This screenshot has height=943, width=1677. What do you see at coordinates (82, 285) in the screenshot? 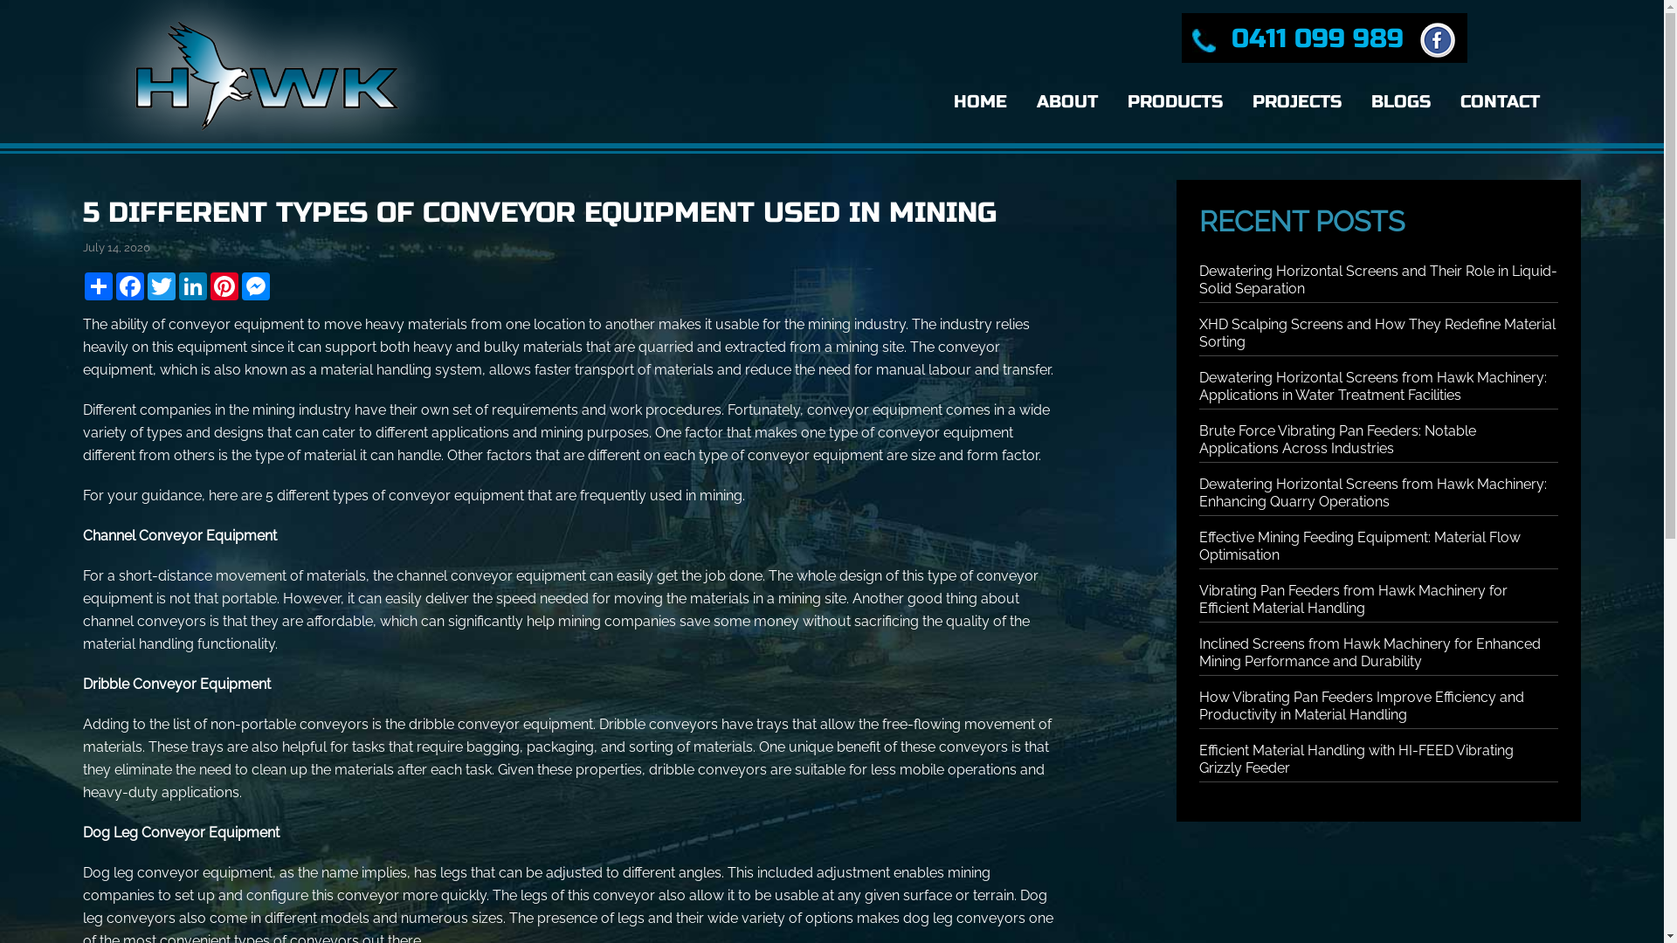
I see `'Share'` at bounding box center [82, 285].